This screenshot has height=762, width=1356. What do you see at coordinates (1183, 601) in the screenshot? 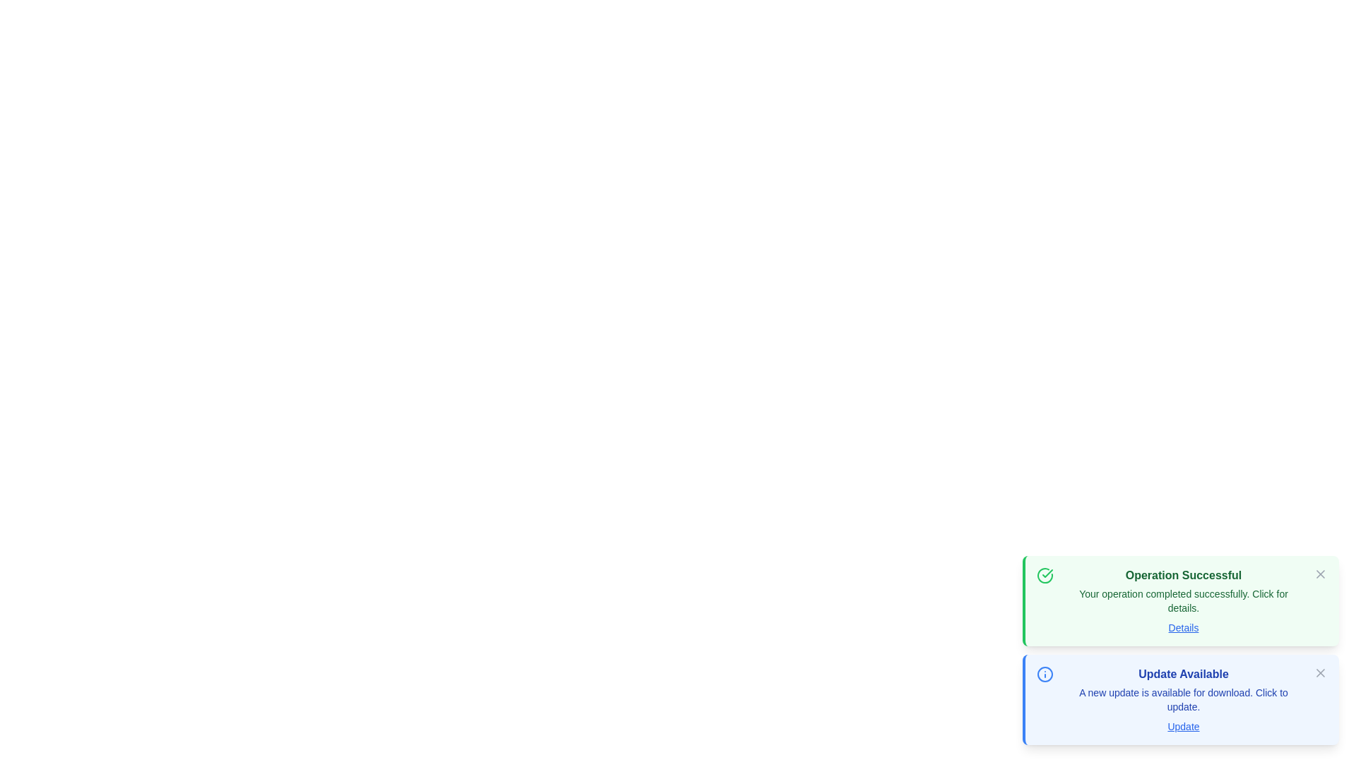
I see `the Notification panel that provides feedback about the success of the recent operation, located near the upper-right corner of the interface` at bounding box center [1183, 601].